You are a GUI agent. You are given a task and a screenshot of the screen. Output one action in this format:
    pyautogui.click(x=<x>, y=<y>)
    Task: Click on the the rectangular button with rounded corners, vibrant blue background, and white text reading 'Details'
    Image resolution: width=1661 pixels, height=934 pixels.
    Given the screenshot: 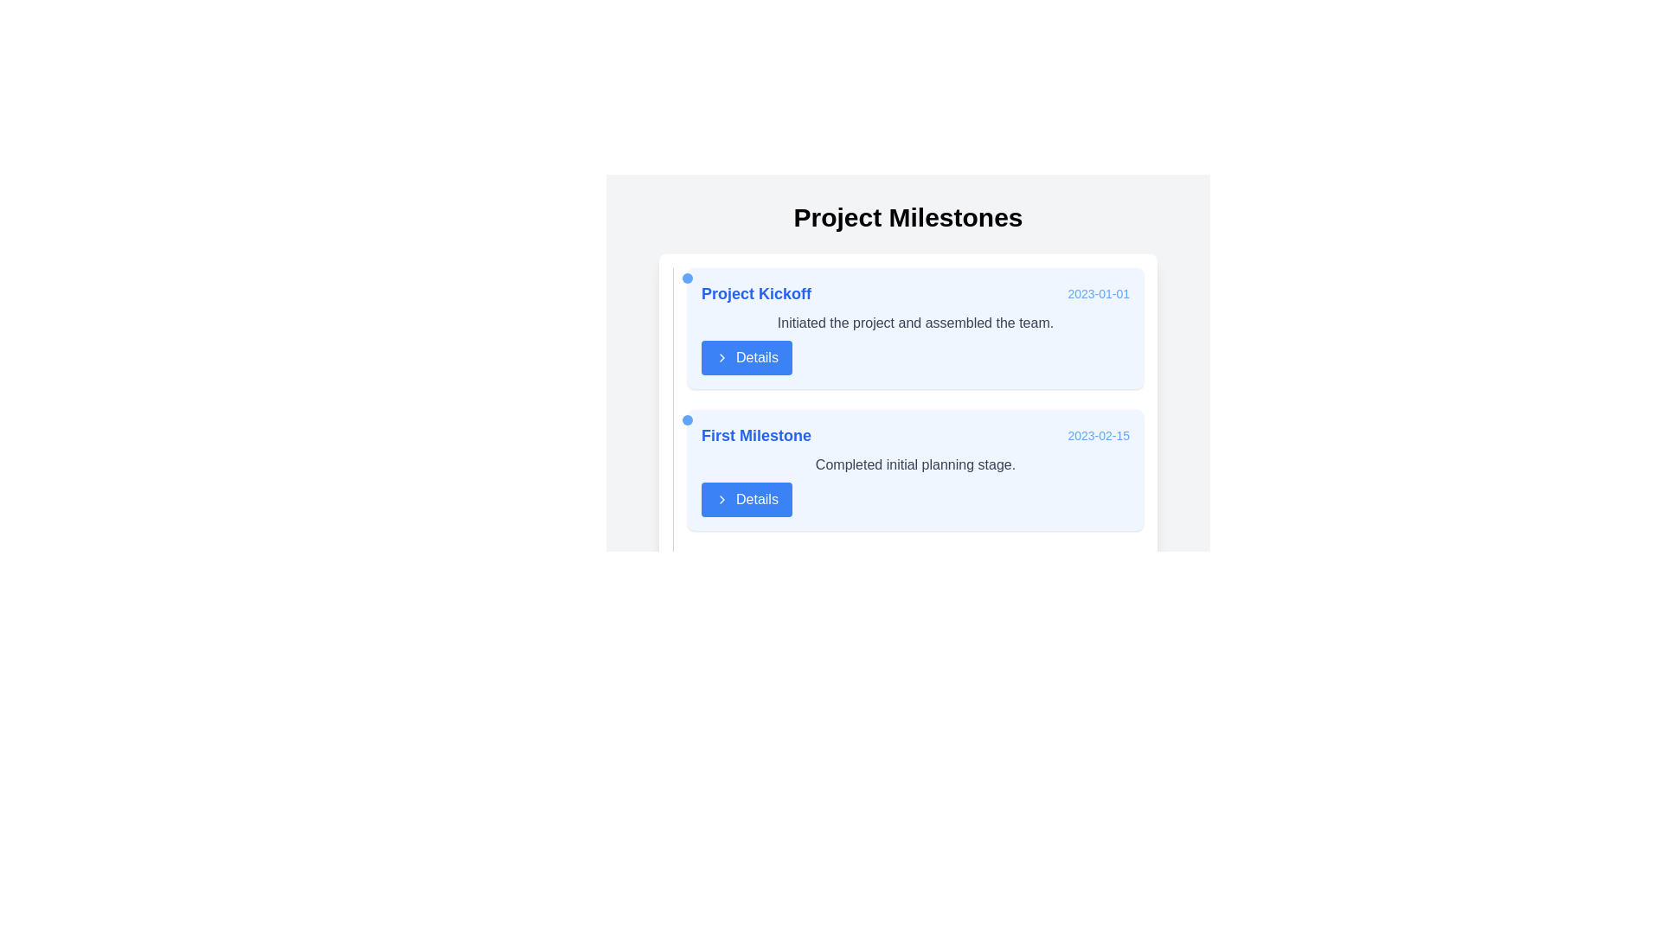 What is the action you would take?
    pyautogui.click(x=747, y=356)
    